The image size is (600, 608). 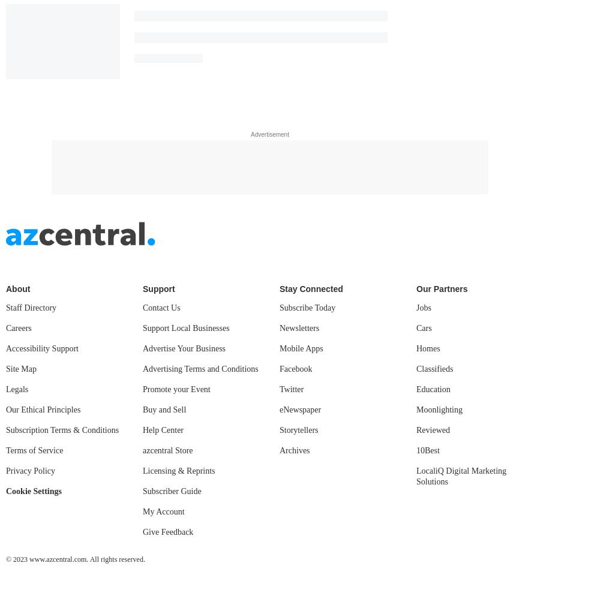 I want to click on 'My Account', so click(x=142, y=510).